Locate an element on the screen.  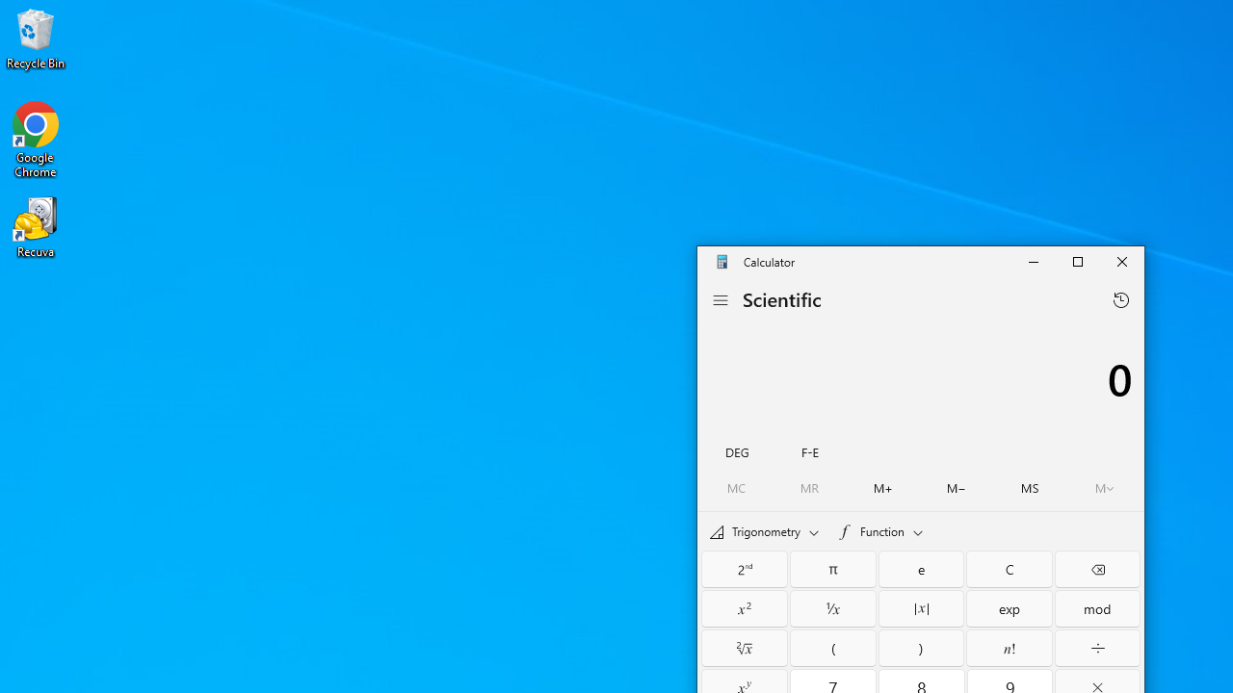
'Functions' is located at coordinates (879, 531).